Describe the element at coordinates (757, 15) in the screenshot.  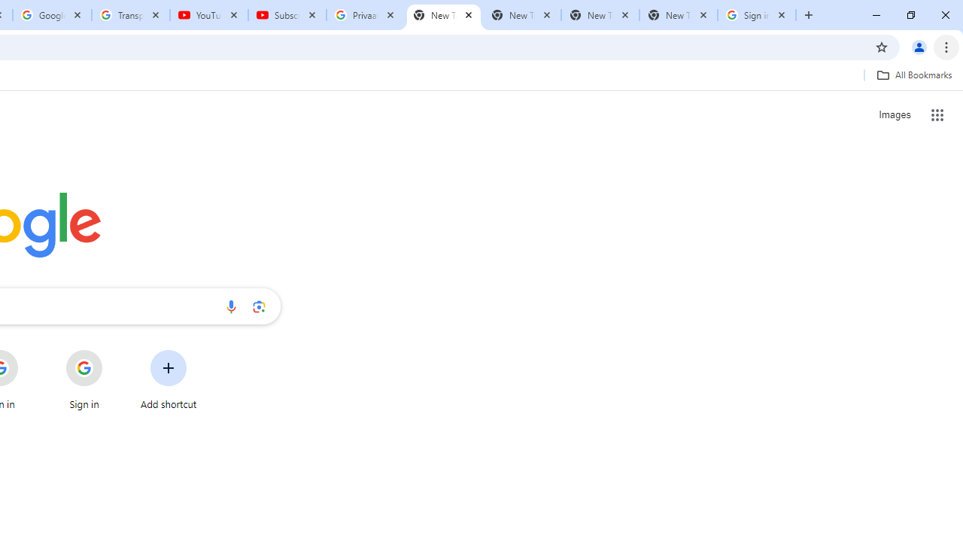
I see `'Sign in - Google Accounts'` at that location.